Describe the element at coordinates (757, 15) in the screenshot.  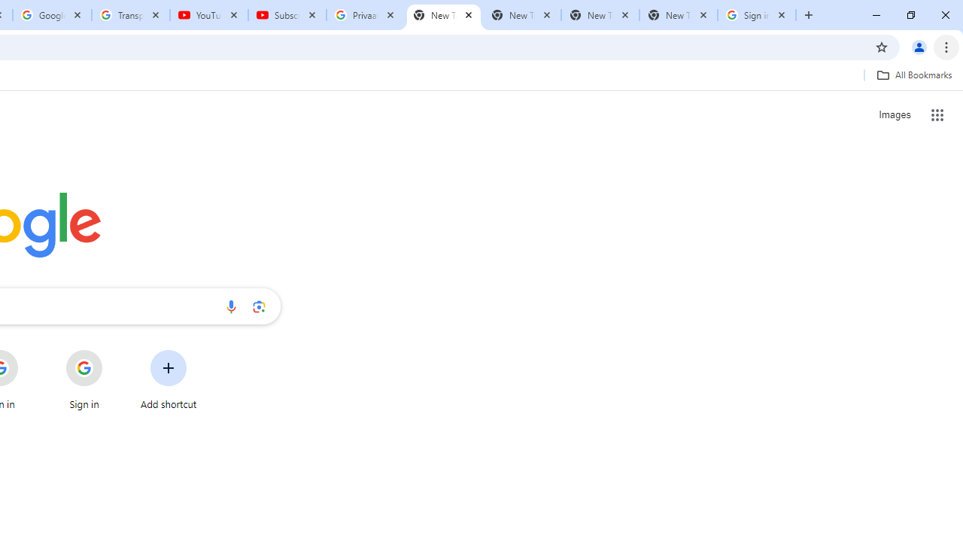
I see `'Sign in - Google Accounts'` at that location.